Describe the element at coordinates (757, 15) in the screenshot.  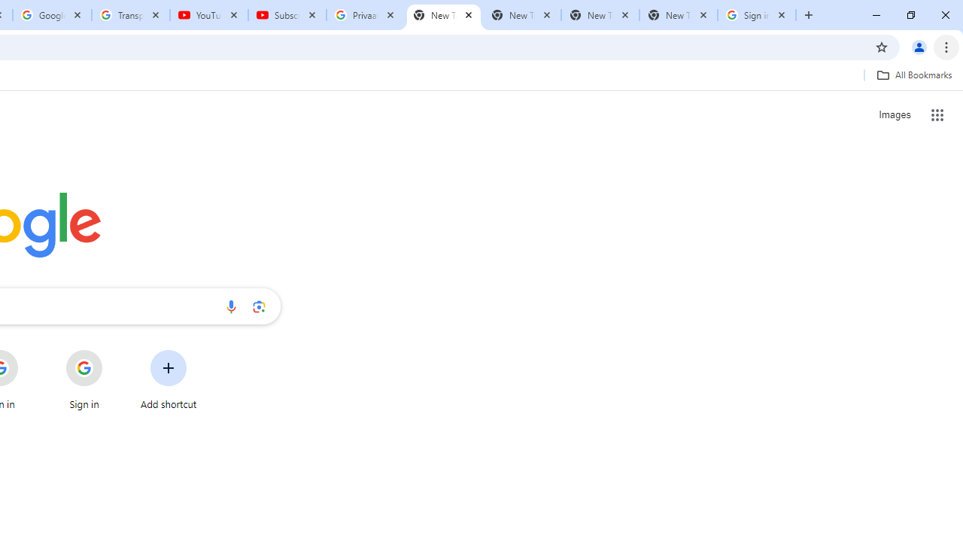
I see `'Sign in - Google Accounts'` at that location.